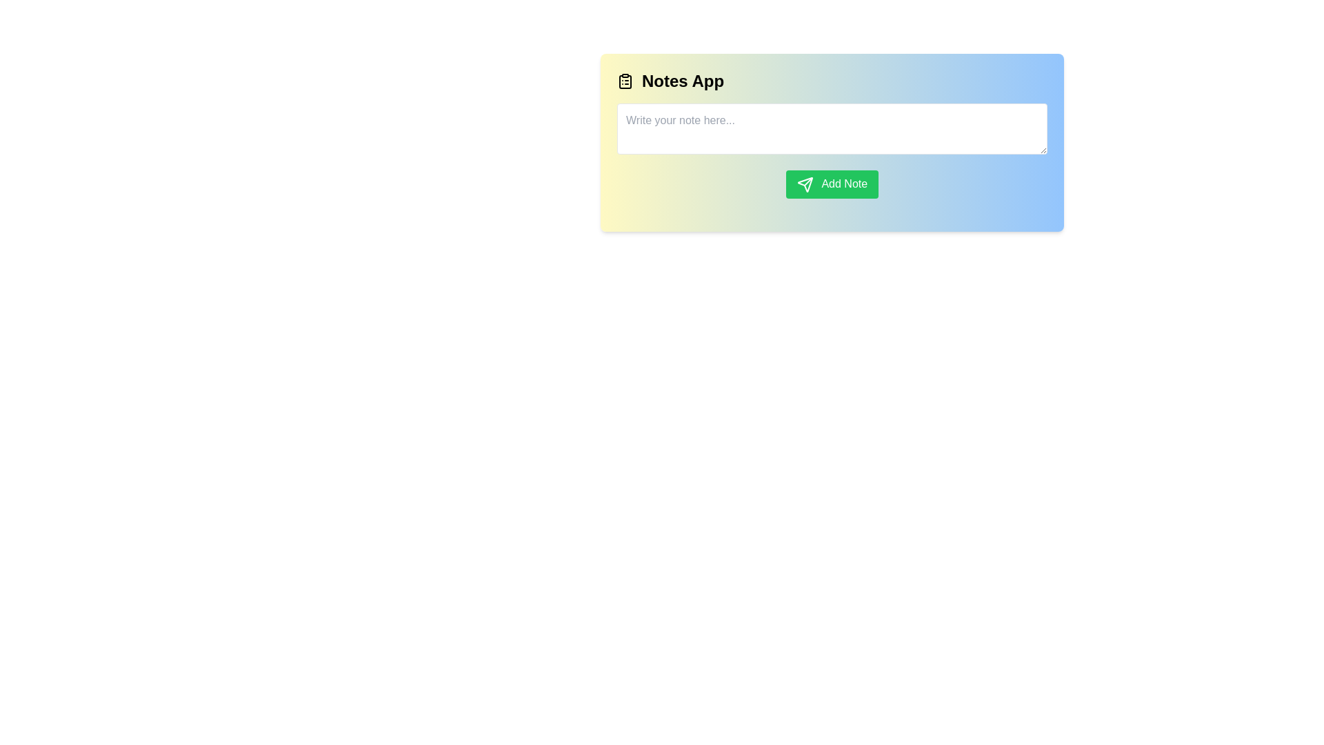 The width and height of the screenshot is (1324, 745). Describe the element at coordinates (805, 183) in the screenshot. I see `the triangular icon within the green 'Add Note' button, which is located below the note input field` at that location.